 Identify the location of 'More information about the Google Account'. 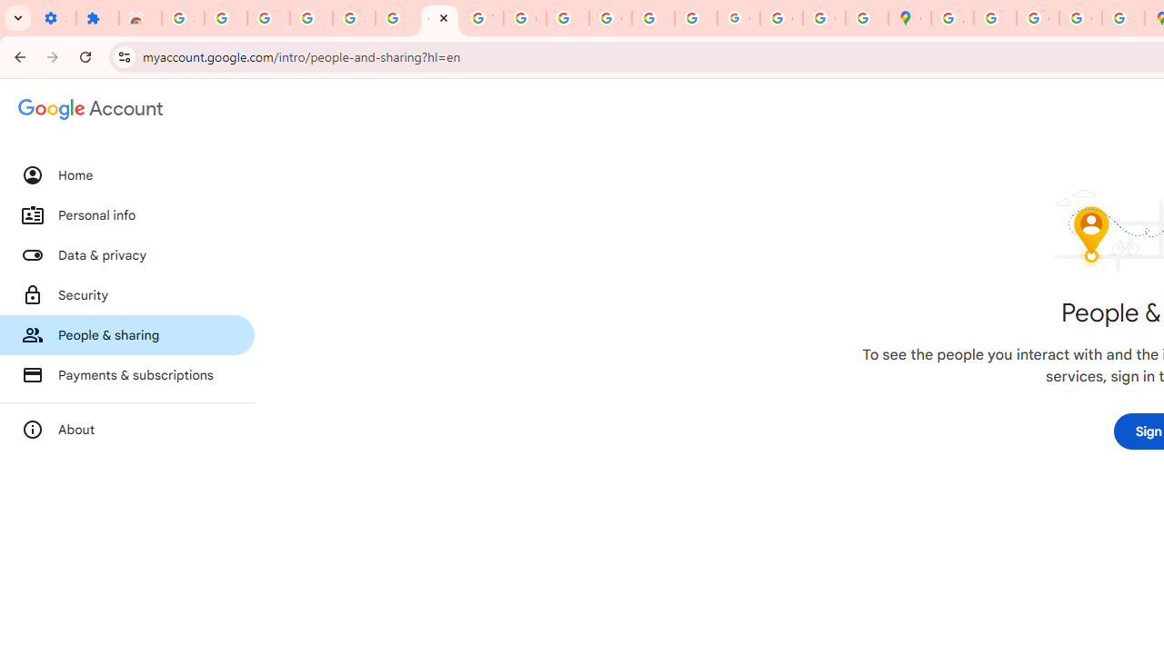
(126, 430).